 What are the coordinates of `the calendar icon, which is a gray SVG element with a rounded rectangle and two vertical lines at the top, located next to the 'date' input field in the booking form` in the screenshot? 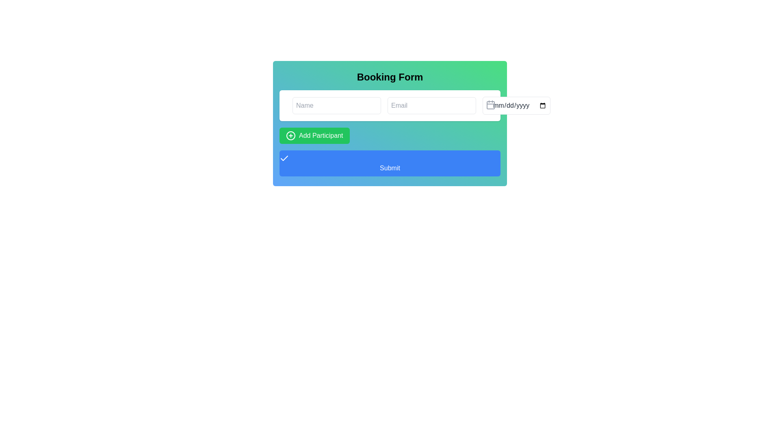 It's located at (490, 104).